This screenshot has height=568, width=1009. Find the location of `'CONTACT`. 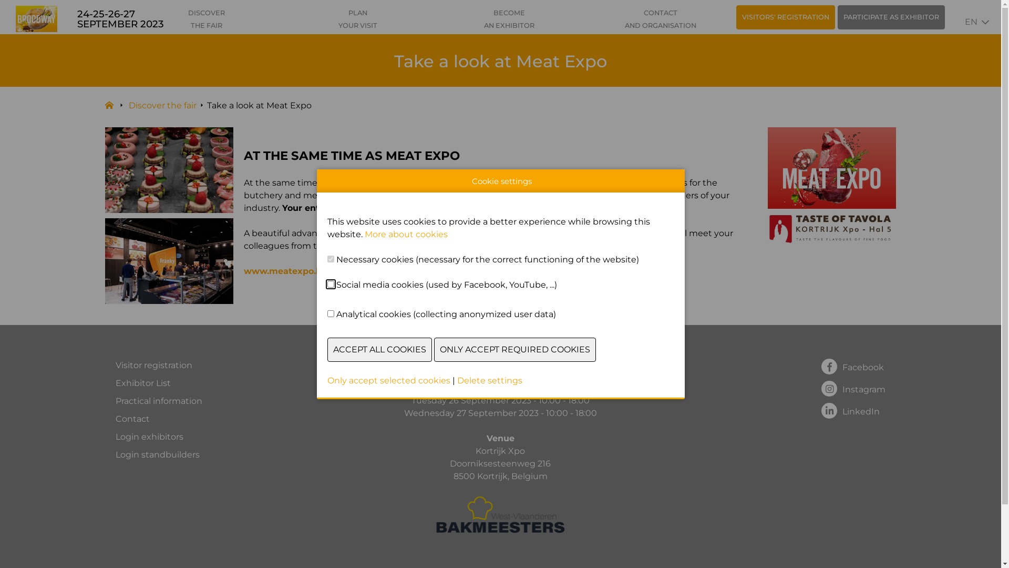

'CONTACT is located at coordinates (660, 19).